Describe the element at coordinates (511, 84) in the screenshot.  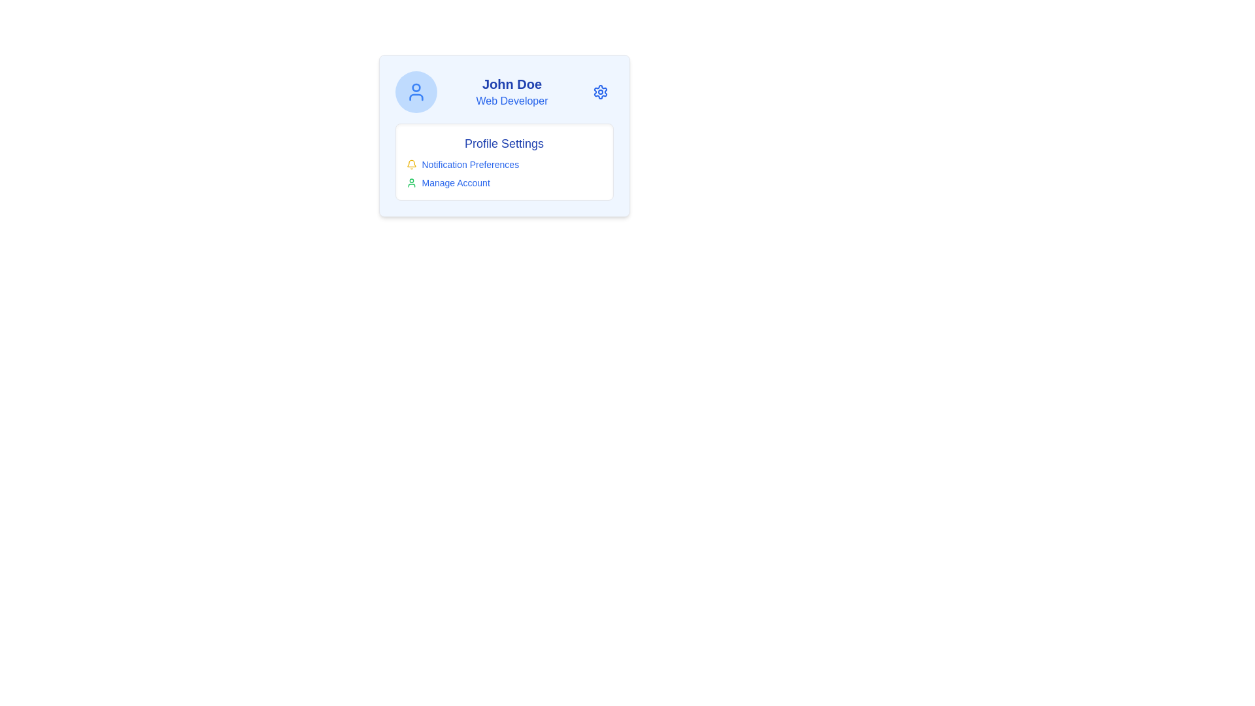
I see `text content of the user name label located at the center of the card, above the 'Web Developer' text label` at that location.